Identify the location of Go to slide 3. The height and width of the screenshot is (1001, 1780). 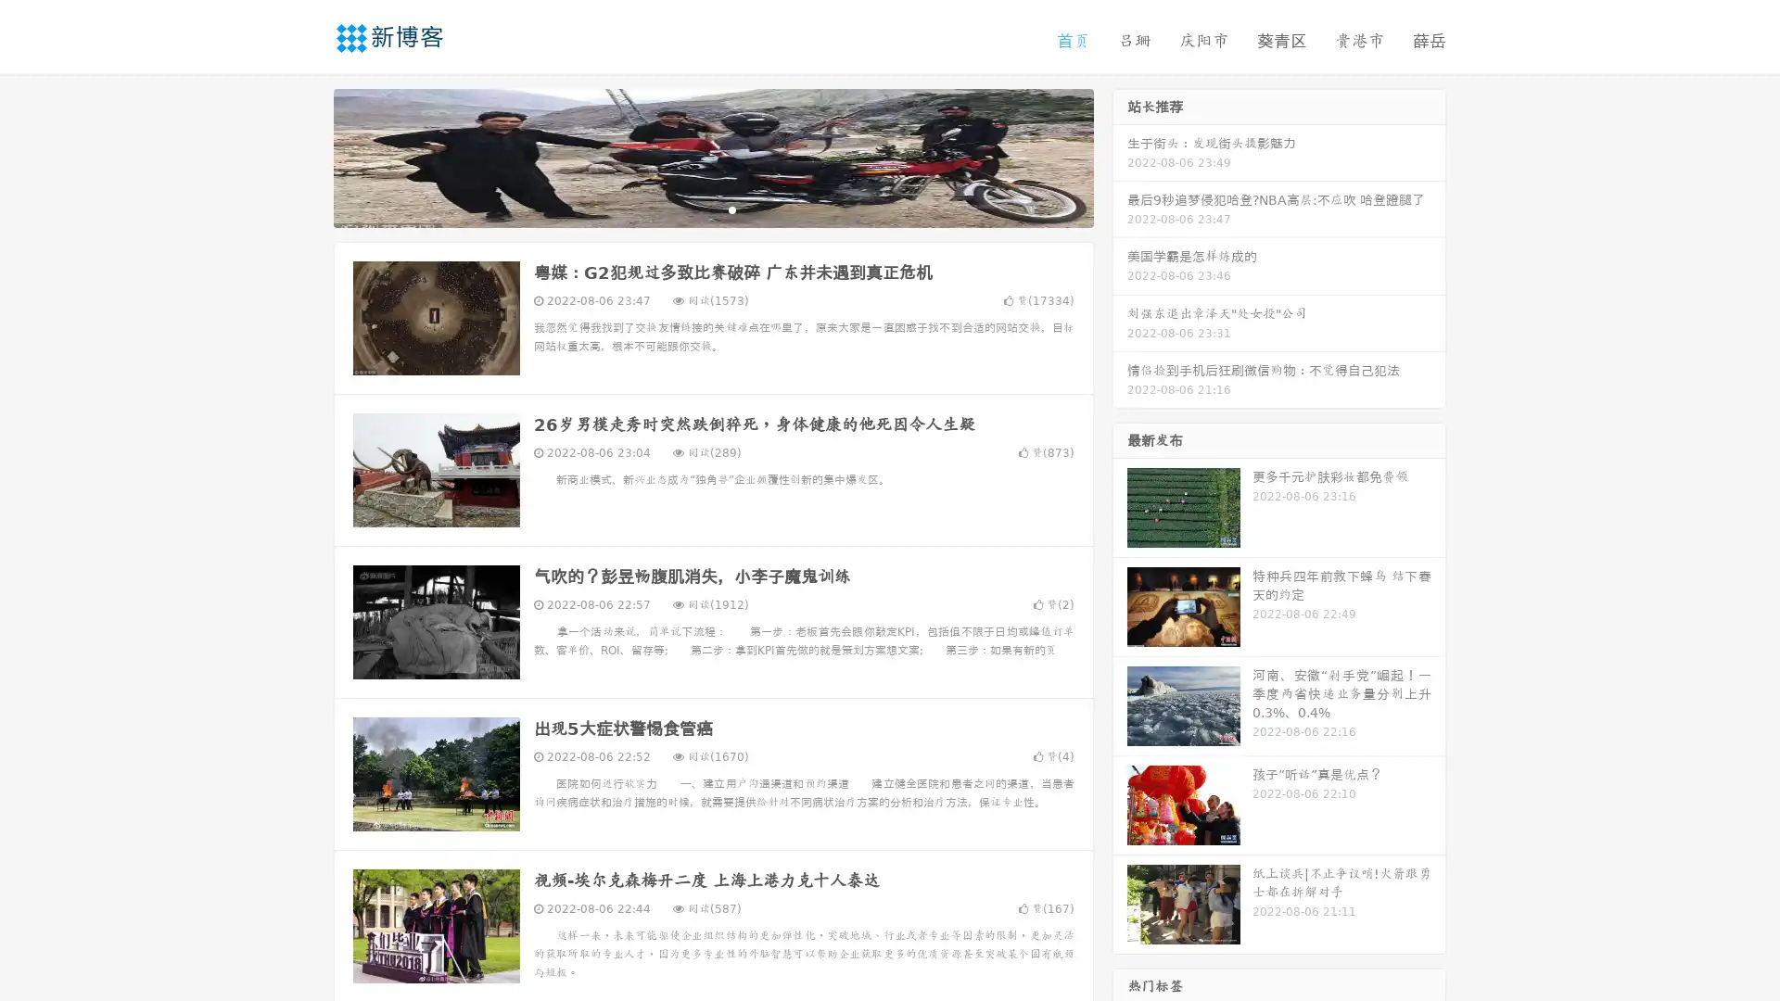
(731, 209).